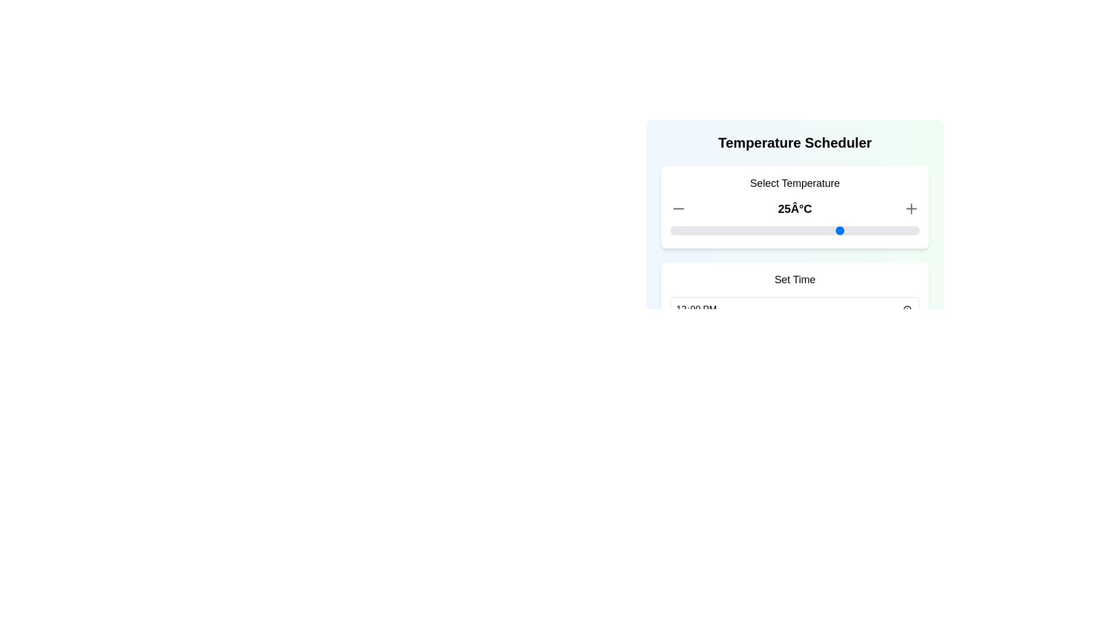 This screenshot has height=623, width=1107. I want to click on the temperature slider, so click(754, 231).